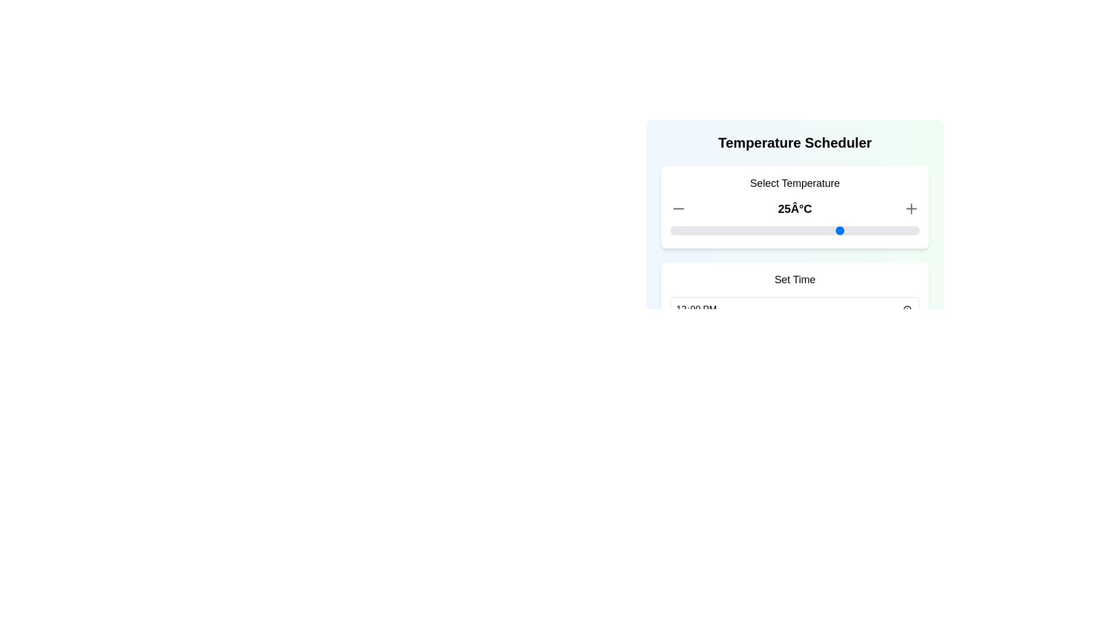 This screenshot has height=623, width=1107. I want to click on the temperature slider, so click(754, 231).